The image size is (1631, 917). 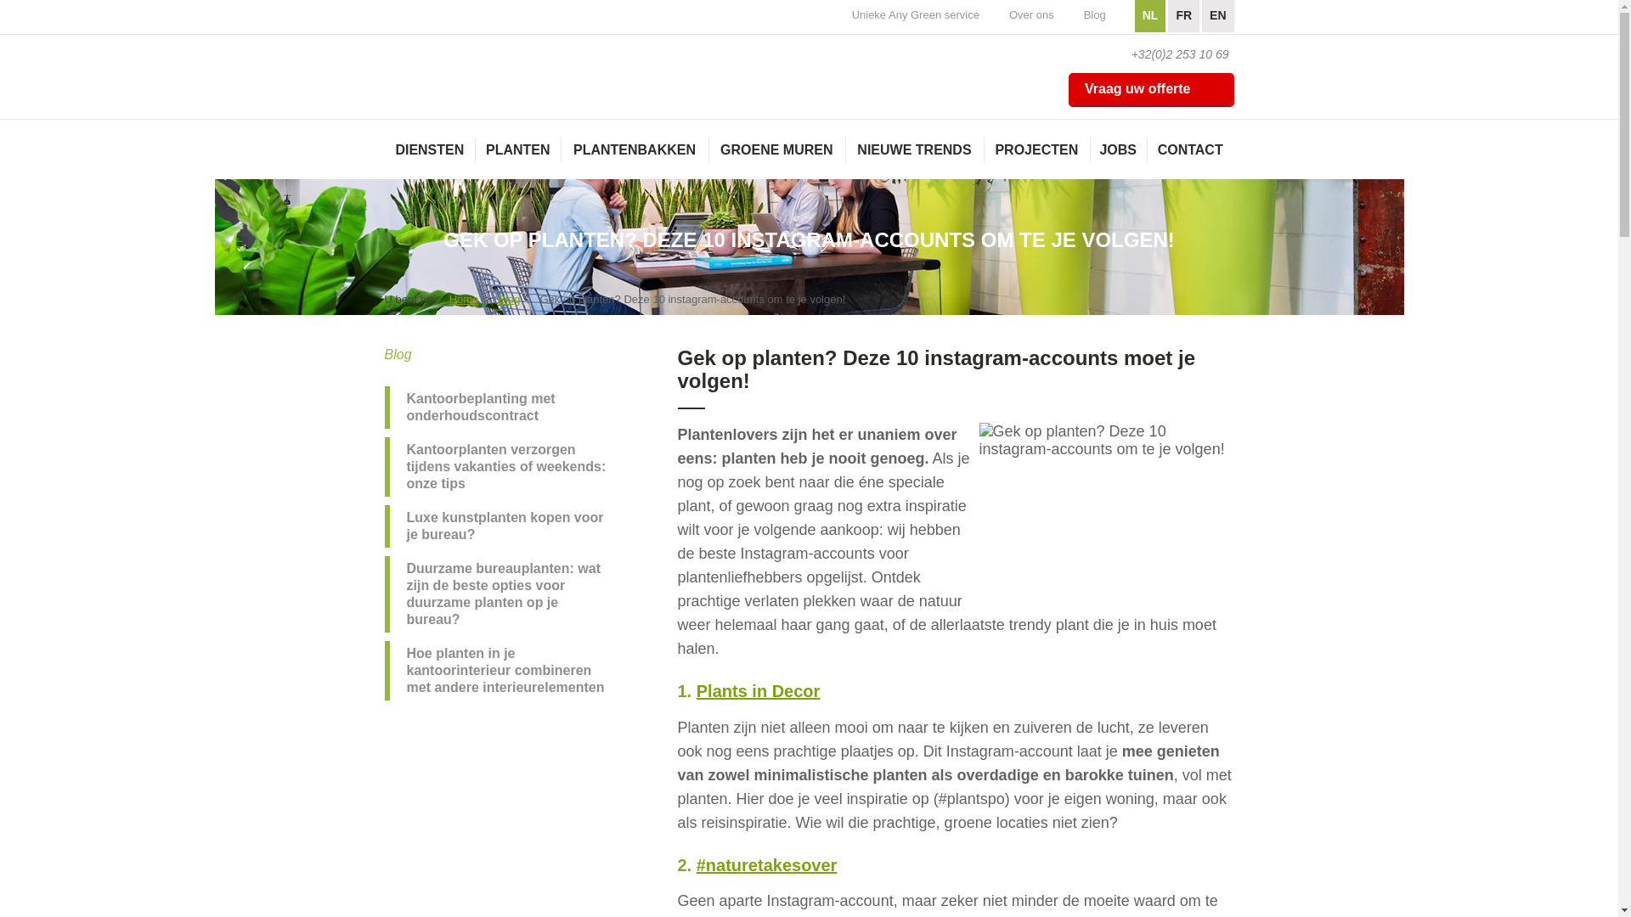 I want to click on 'Over ons', so click(x=1030, y=16).